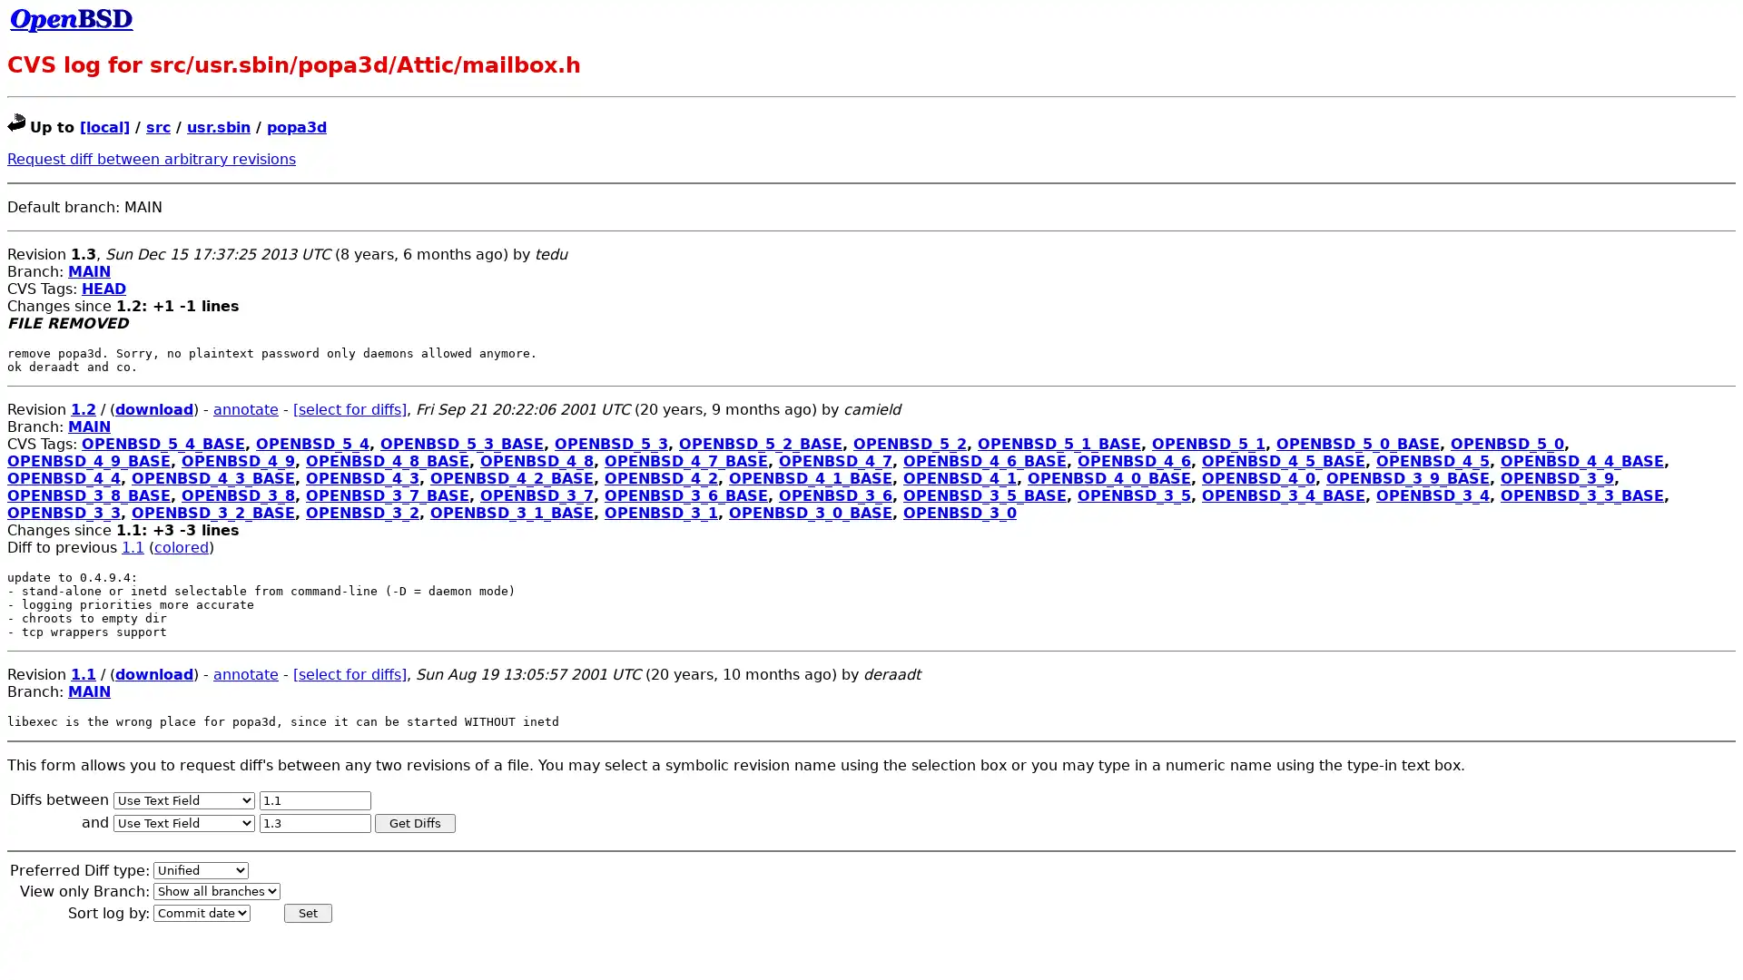  I want to click on Set, so click(308, 912).